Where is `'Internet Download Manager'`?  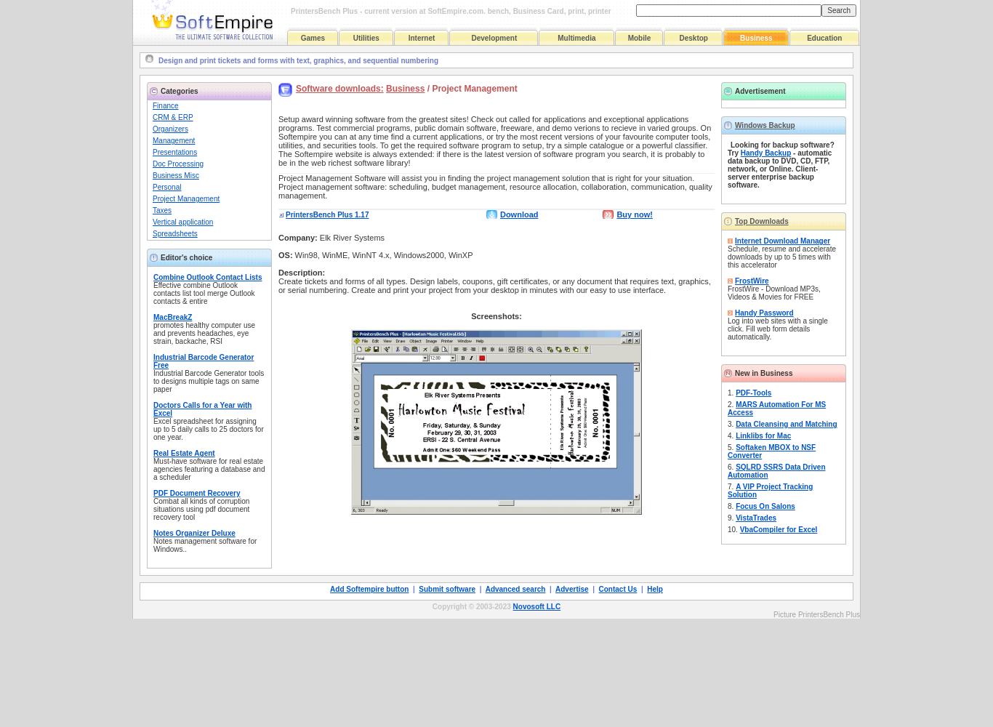 'Internet Download Manager' is located at coordinates (781, 240).